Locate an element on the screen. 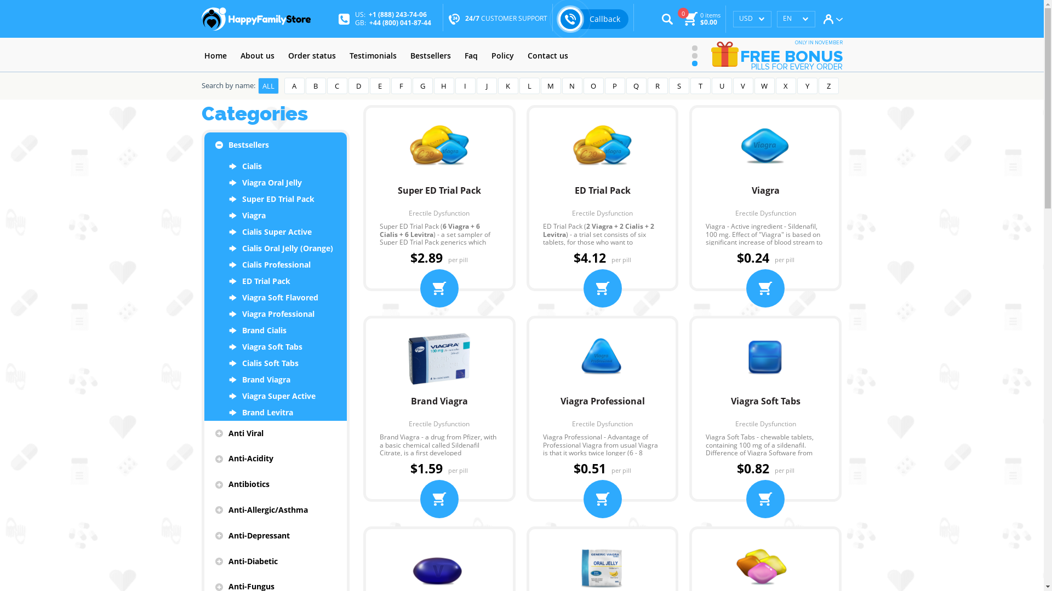 The height and width of the screenshot is (591, 1052). 'D' is located at coordinates (358, 85).